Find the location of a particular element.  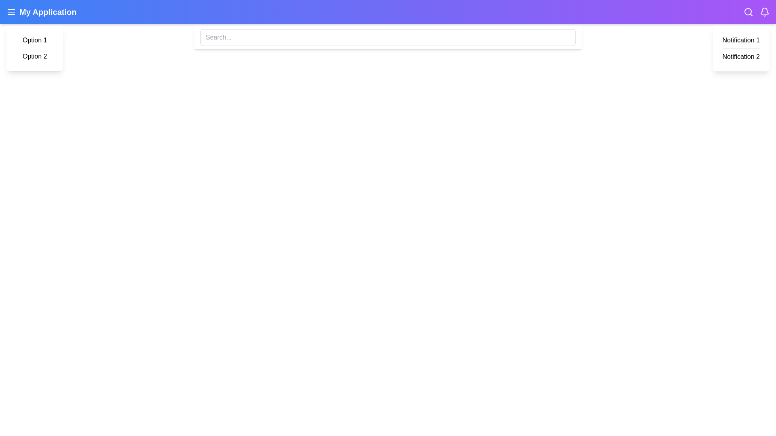

the hamburger menu icon located at the top-left corner of the application’s header bar, next to the title 'My Application', to receive additional visual feedback is located at coordinates (11, 12).